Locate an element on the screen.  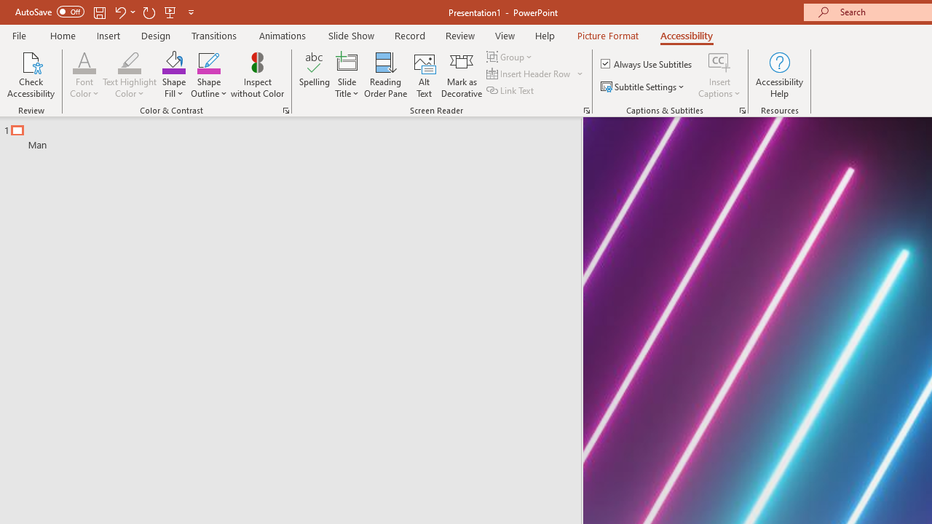
'Animations' is located at coordinates (283, 35).